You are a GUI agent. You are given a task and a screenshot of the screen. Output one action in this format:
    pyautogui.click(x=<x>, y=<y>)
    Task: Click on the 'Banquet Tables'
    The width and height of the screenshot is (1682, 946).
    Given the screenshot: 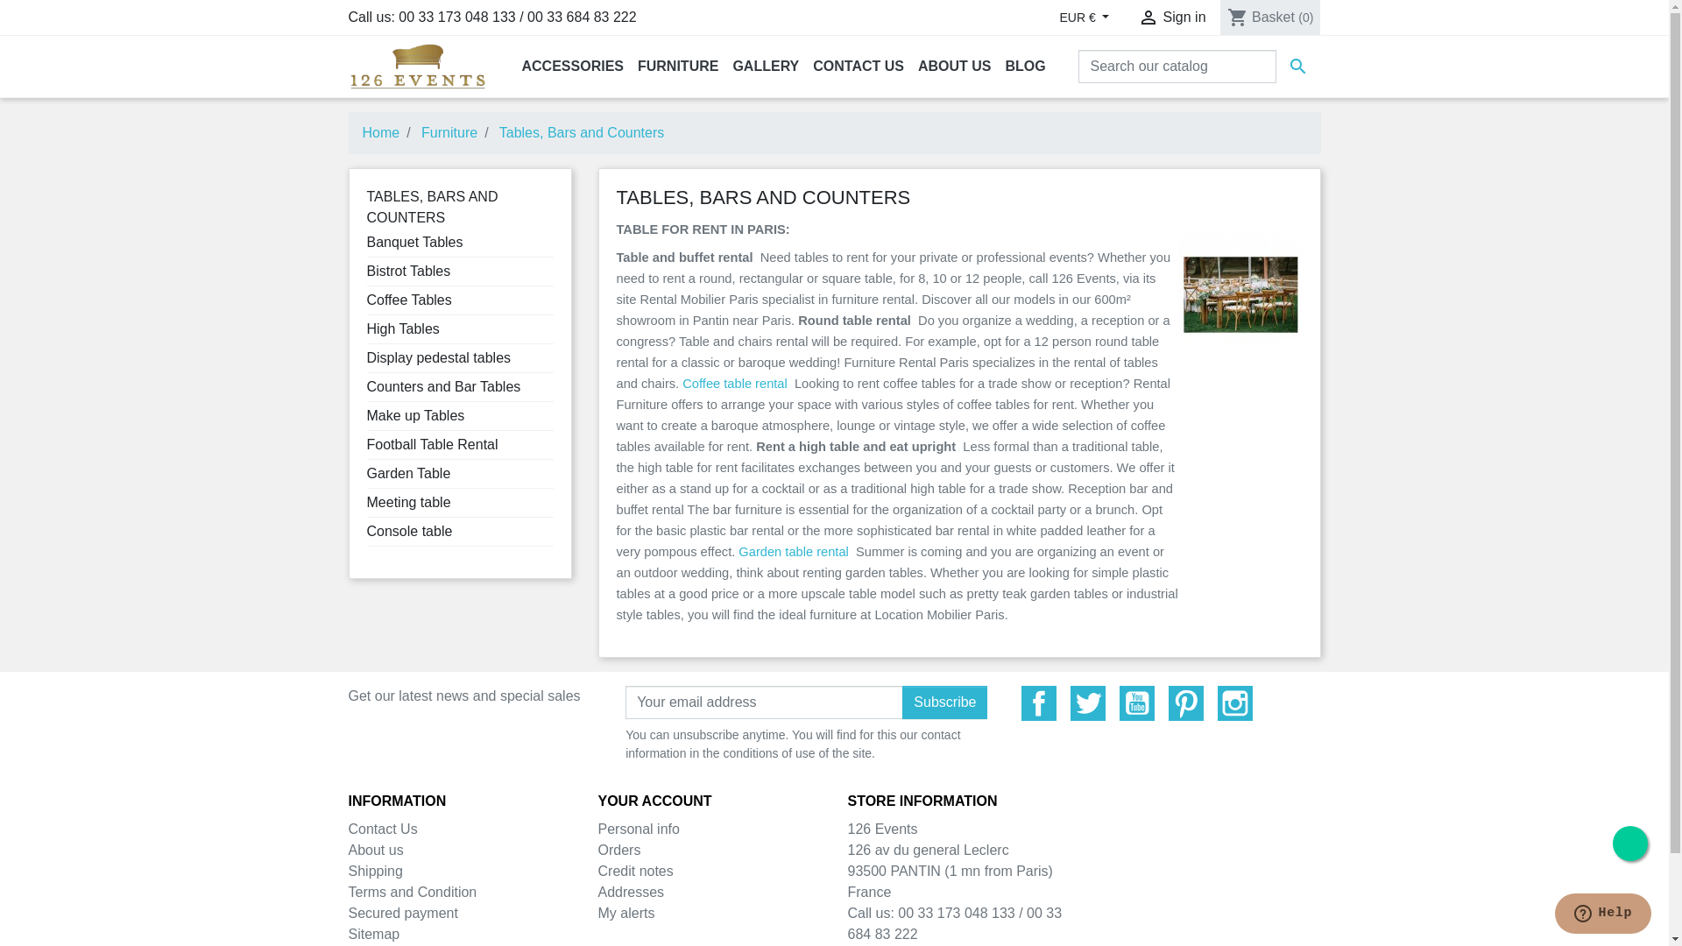 What is the action you would take?
    pyautogui.click(x=364, y=242)
    